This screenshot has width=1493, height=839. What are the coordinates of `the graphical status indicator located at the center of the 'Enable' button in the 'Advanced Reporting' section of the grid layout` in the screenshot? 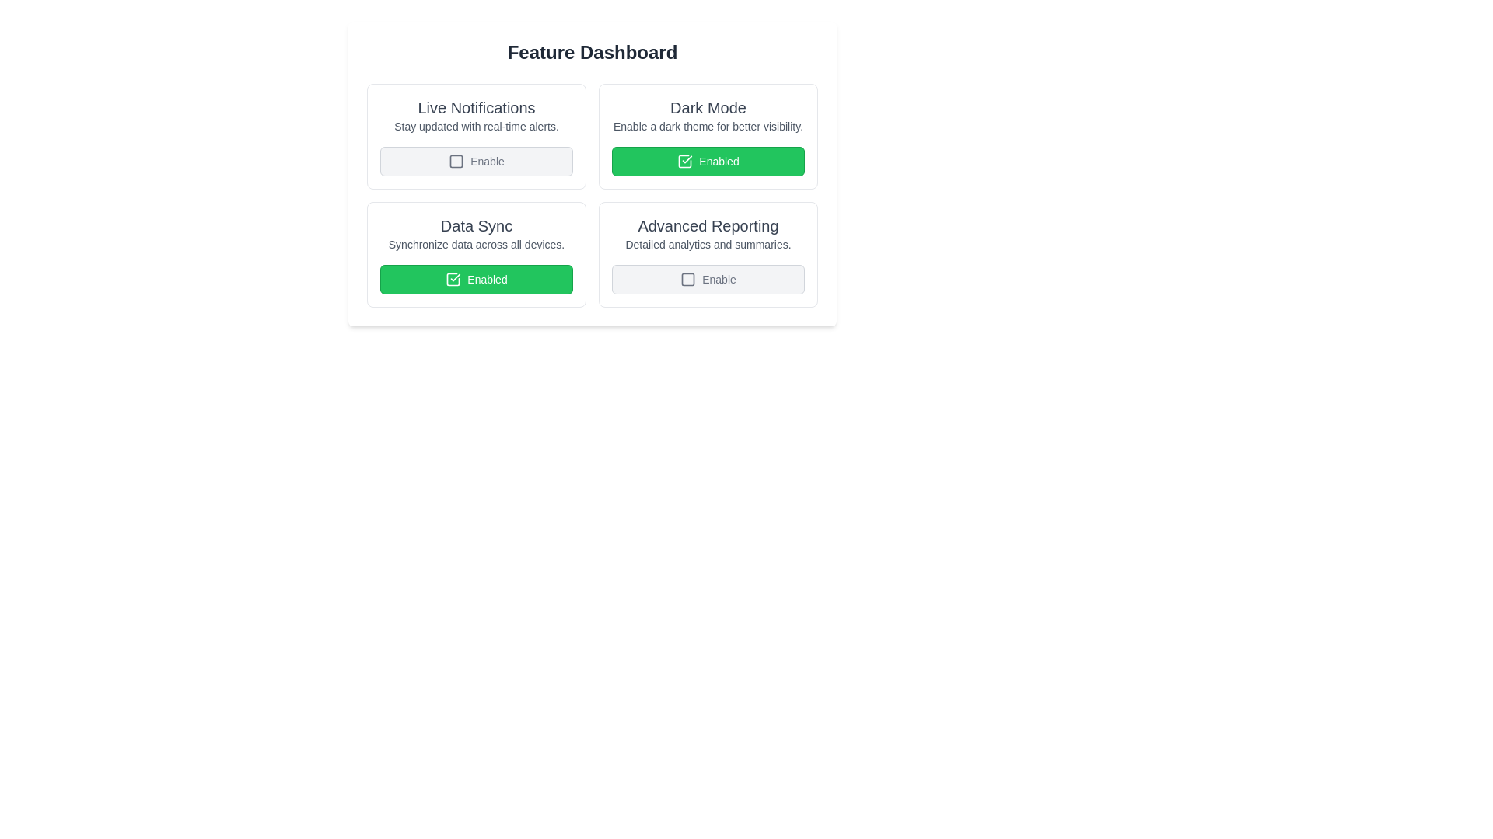 It's located at (687, 278).